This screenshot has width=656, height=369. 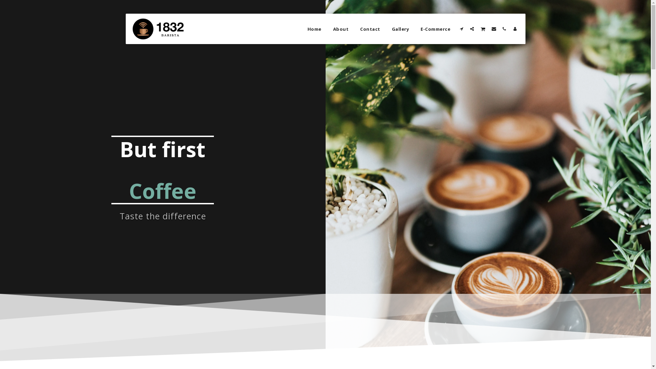 What do you see at coordinates (370, 28) in the screenshot?
I see `'Contact'` at bounding box center [370, 28].